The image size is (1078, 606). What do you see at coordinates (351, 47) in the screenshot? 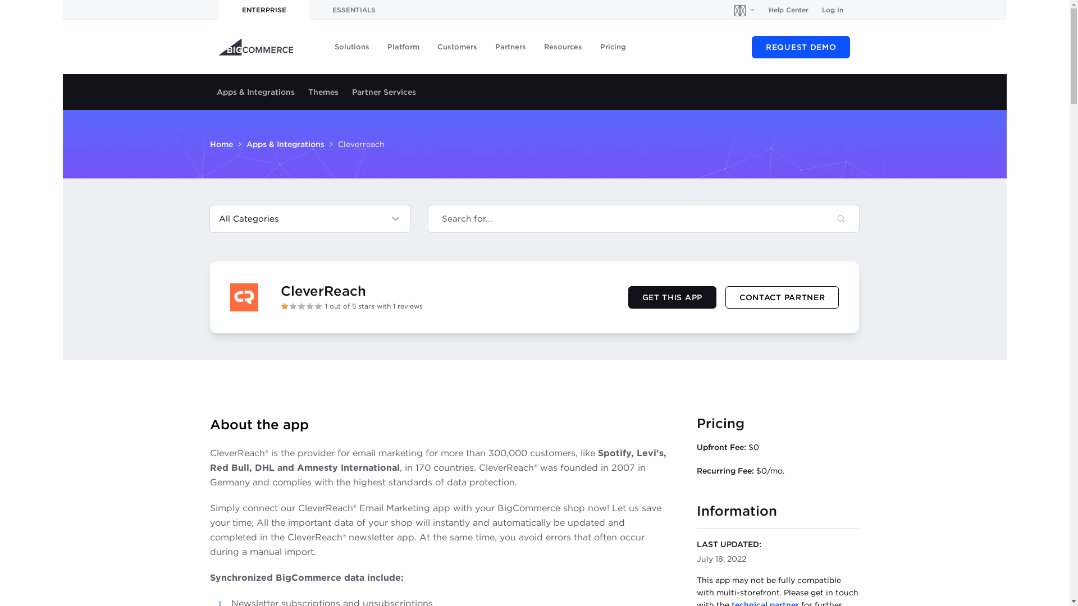
I see `'Solutions'` at bounding box center [351, 47].